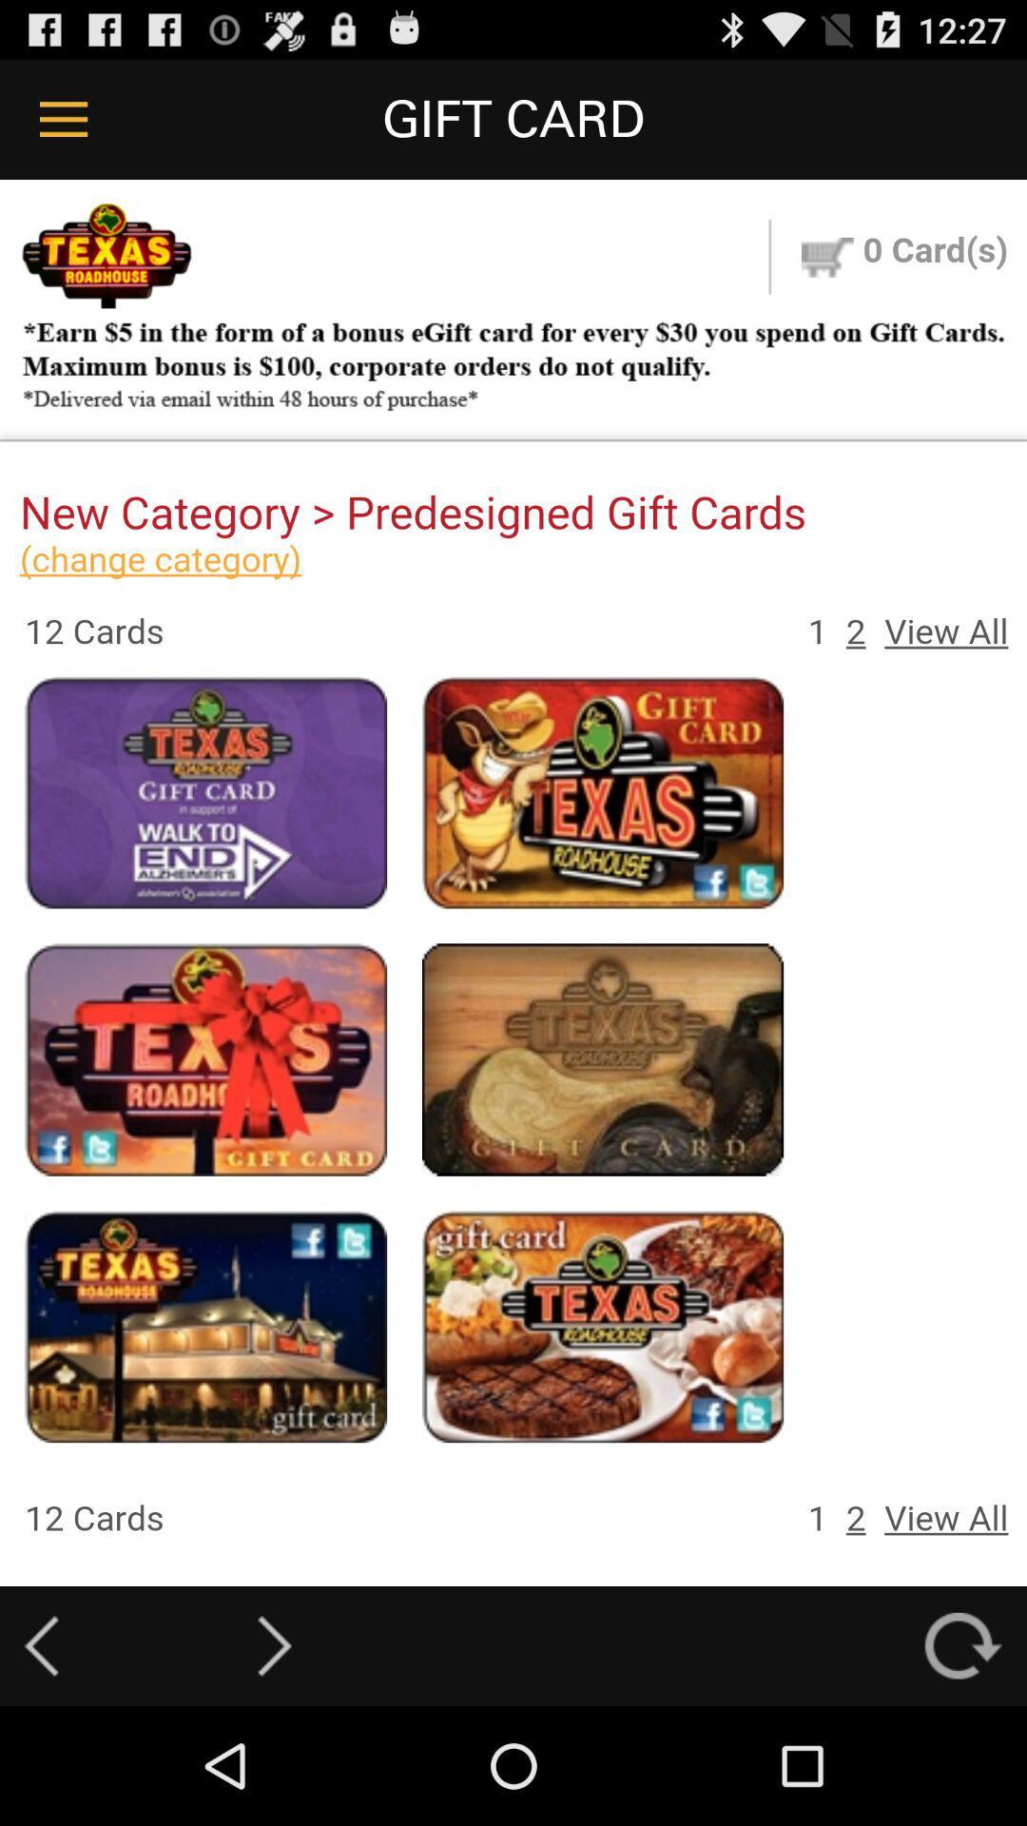 This screenshot has height=1826, width=1027. What do you see at coordinates (513, 882) in the screenshot?
I see `colour pinter` at bounding box center [513, 882].